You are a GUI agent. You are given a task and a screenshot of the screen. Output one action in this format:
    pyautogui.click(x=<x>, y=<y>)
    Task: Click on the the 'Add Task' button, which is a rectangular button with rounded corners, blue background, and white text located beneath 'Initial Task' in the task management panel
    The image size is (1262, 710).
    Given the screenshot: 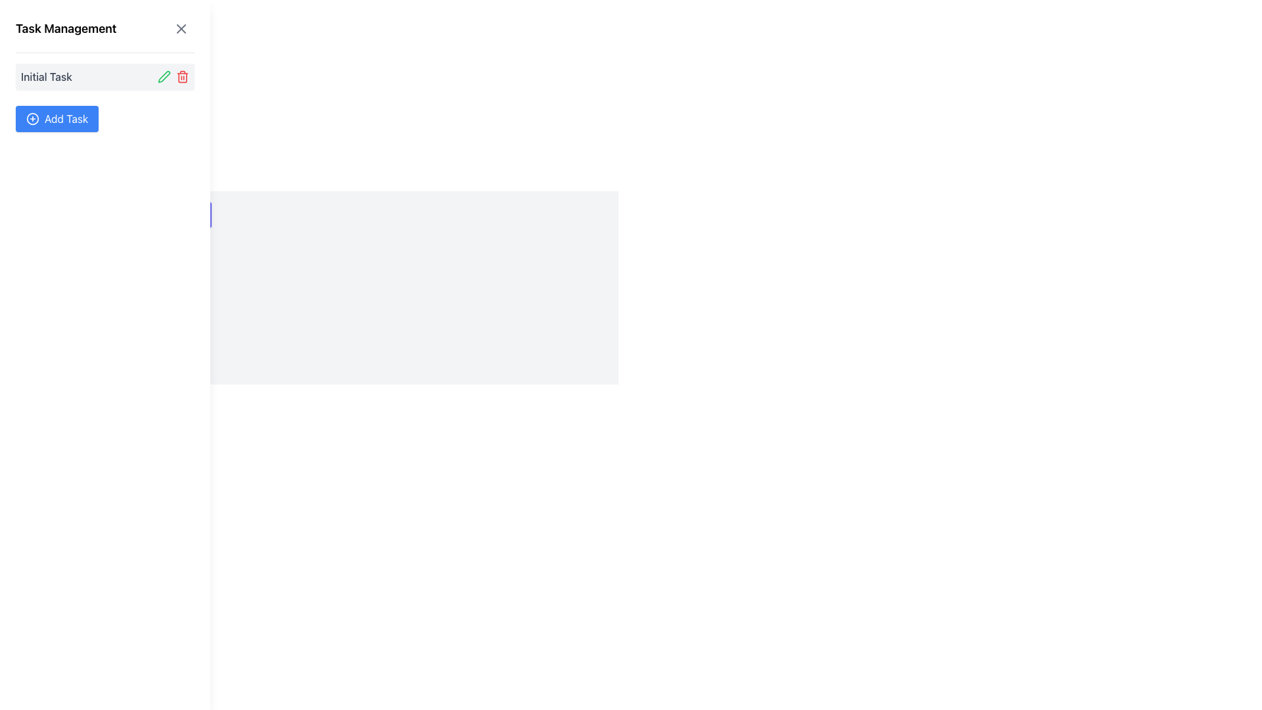 What is the action you would take?
    pyautogui.click(x=56, y=119)
    